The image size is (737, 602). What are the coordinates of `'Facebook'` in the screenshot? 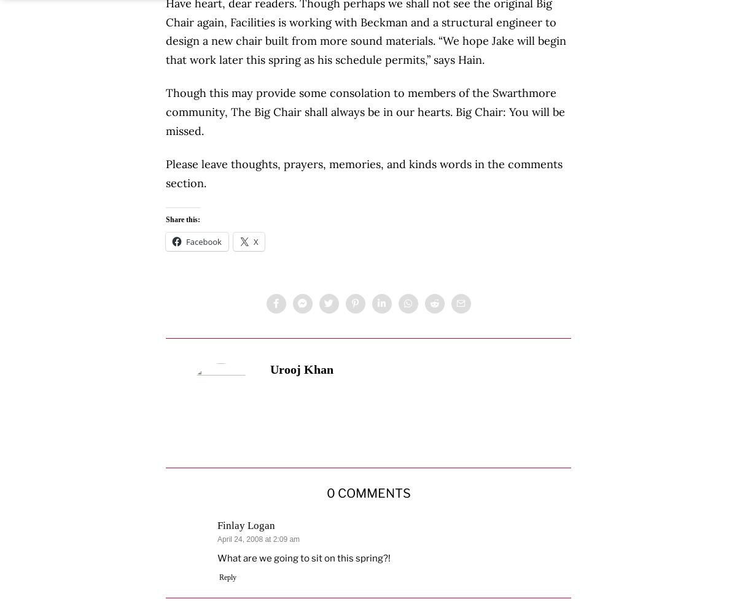 It's located at (203, 240).